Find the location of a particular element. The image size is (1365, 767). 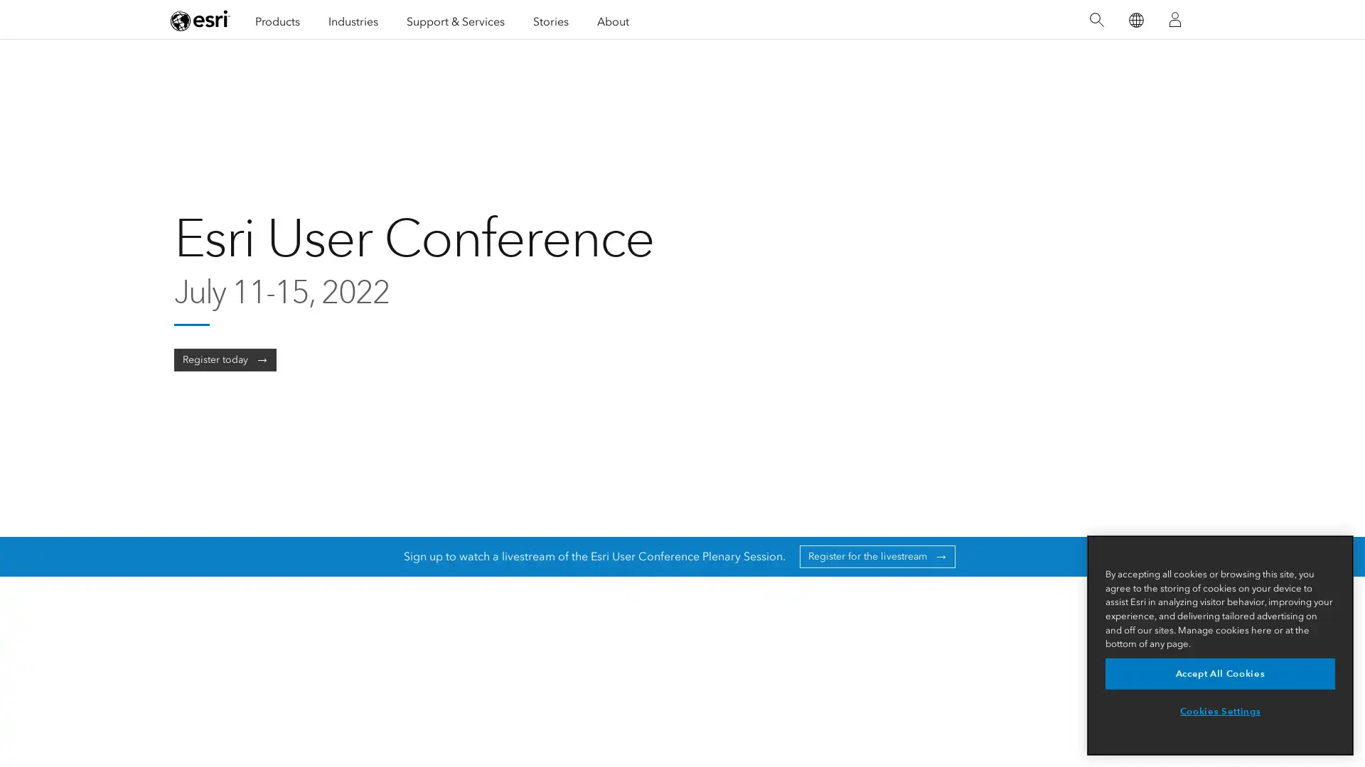

About is located at coordinates (613, 19).